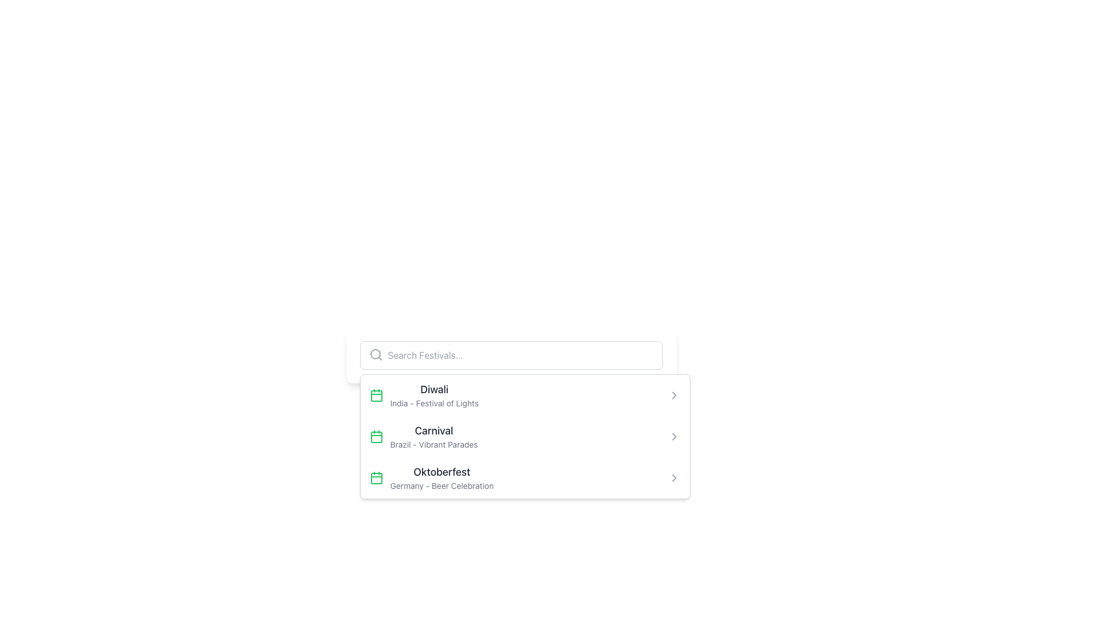  I want to click on the chevron arrow icon, which is a small right-pointing vector graphic styled in gray, located, so click(674, 395).